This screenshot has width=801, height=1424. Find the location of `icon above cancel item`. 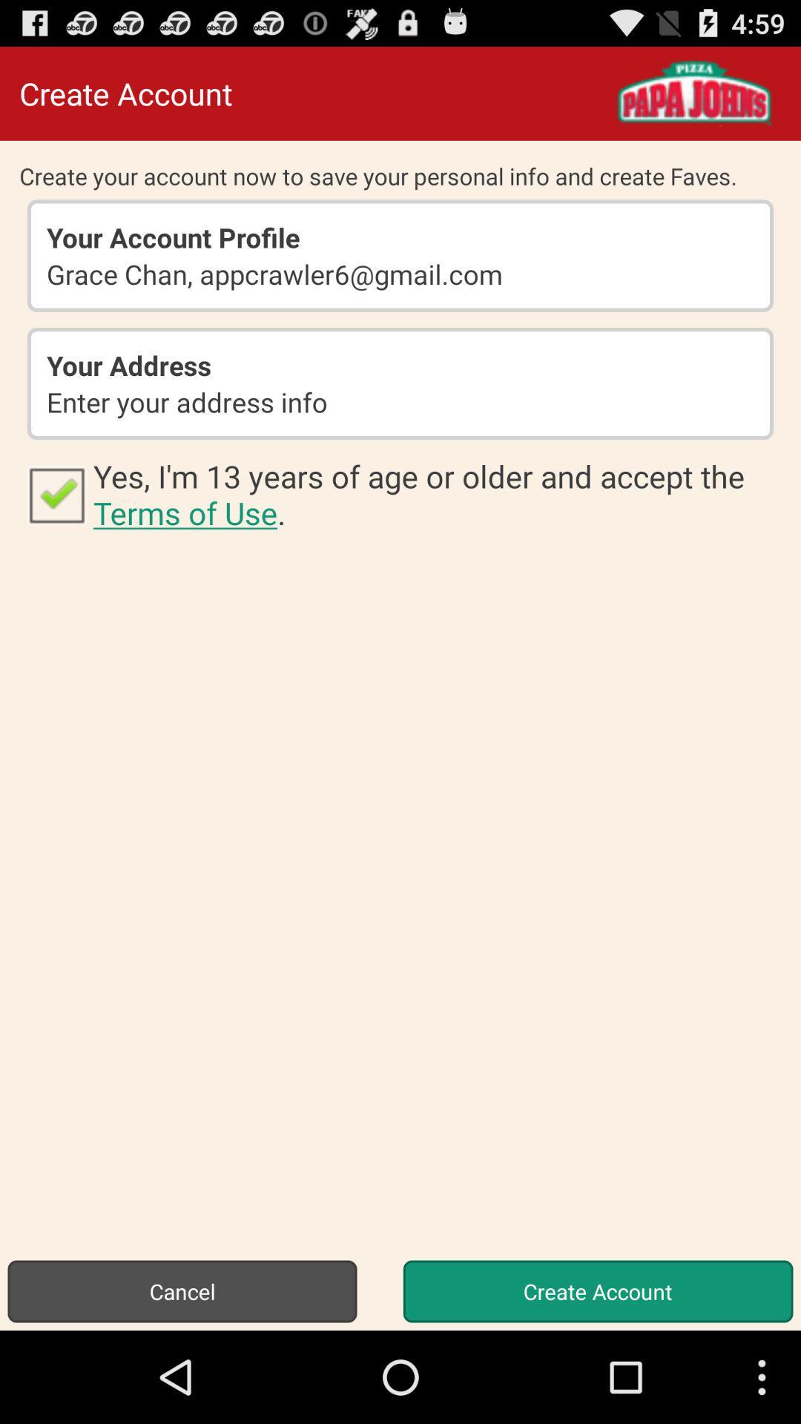

icon above cancel item is located at coordinates (436, 494).